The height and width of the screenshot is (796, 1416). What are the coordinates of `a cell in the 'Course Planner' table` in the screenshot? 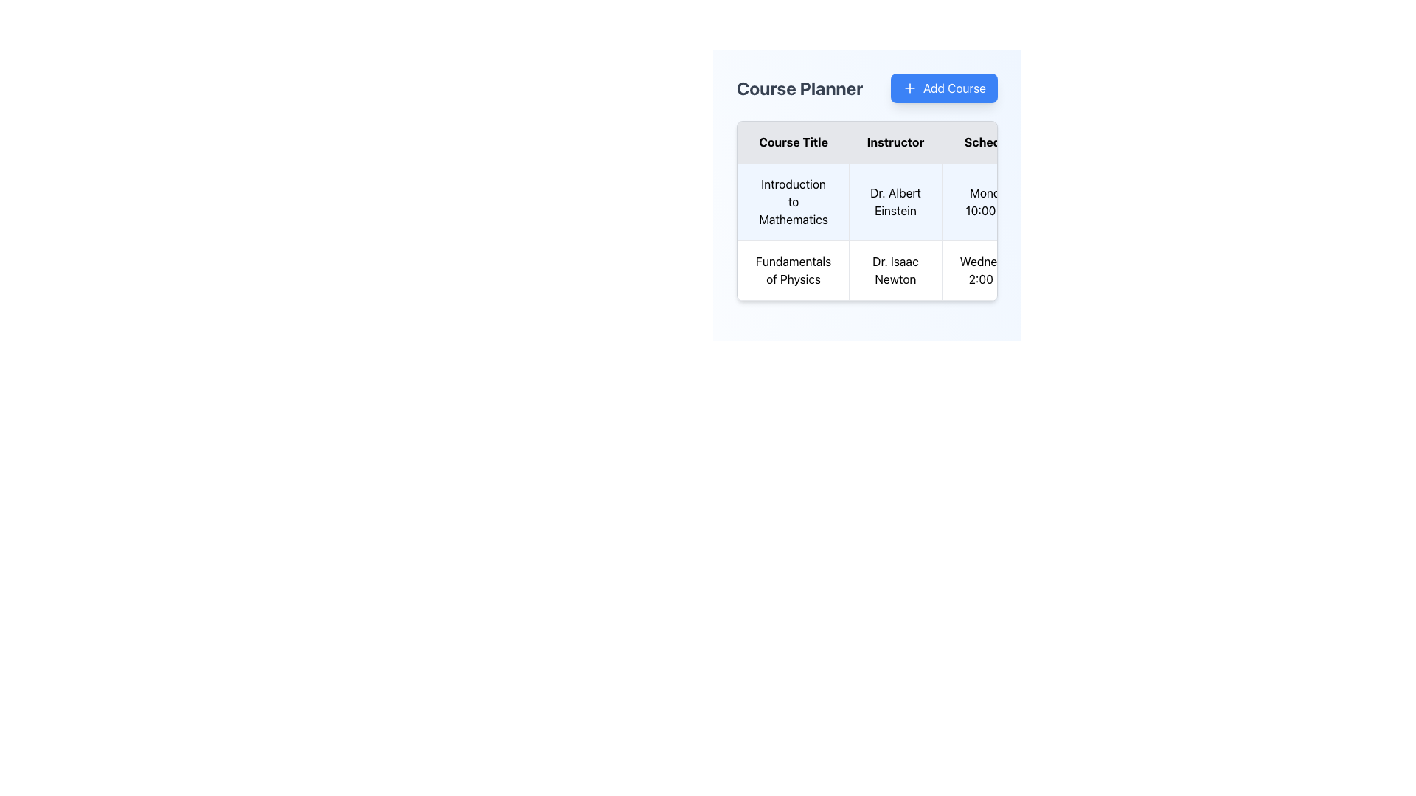 It's located at (867, 210).